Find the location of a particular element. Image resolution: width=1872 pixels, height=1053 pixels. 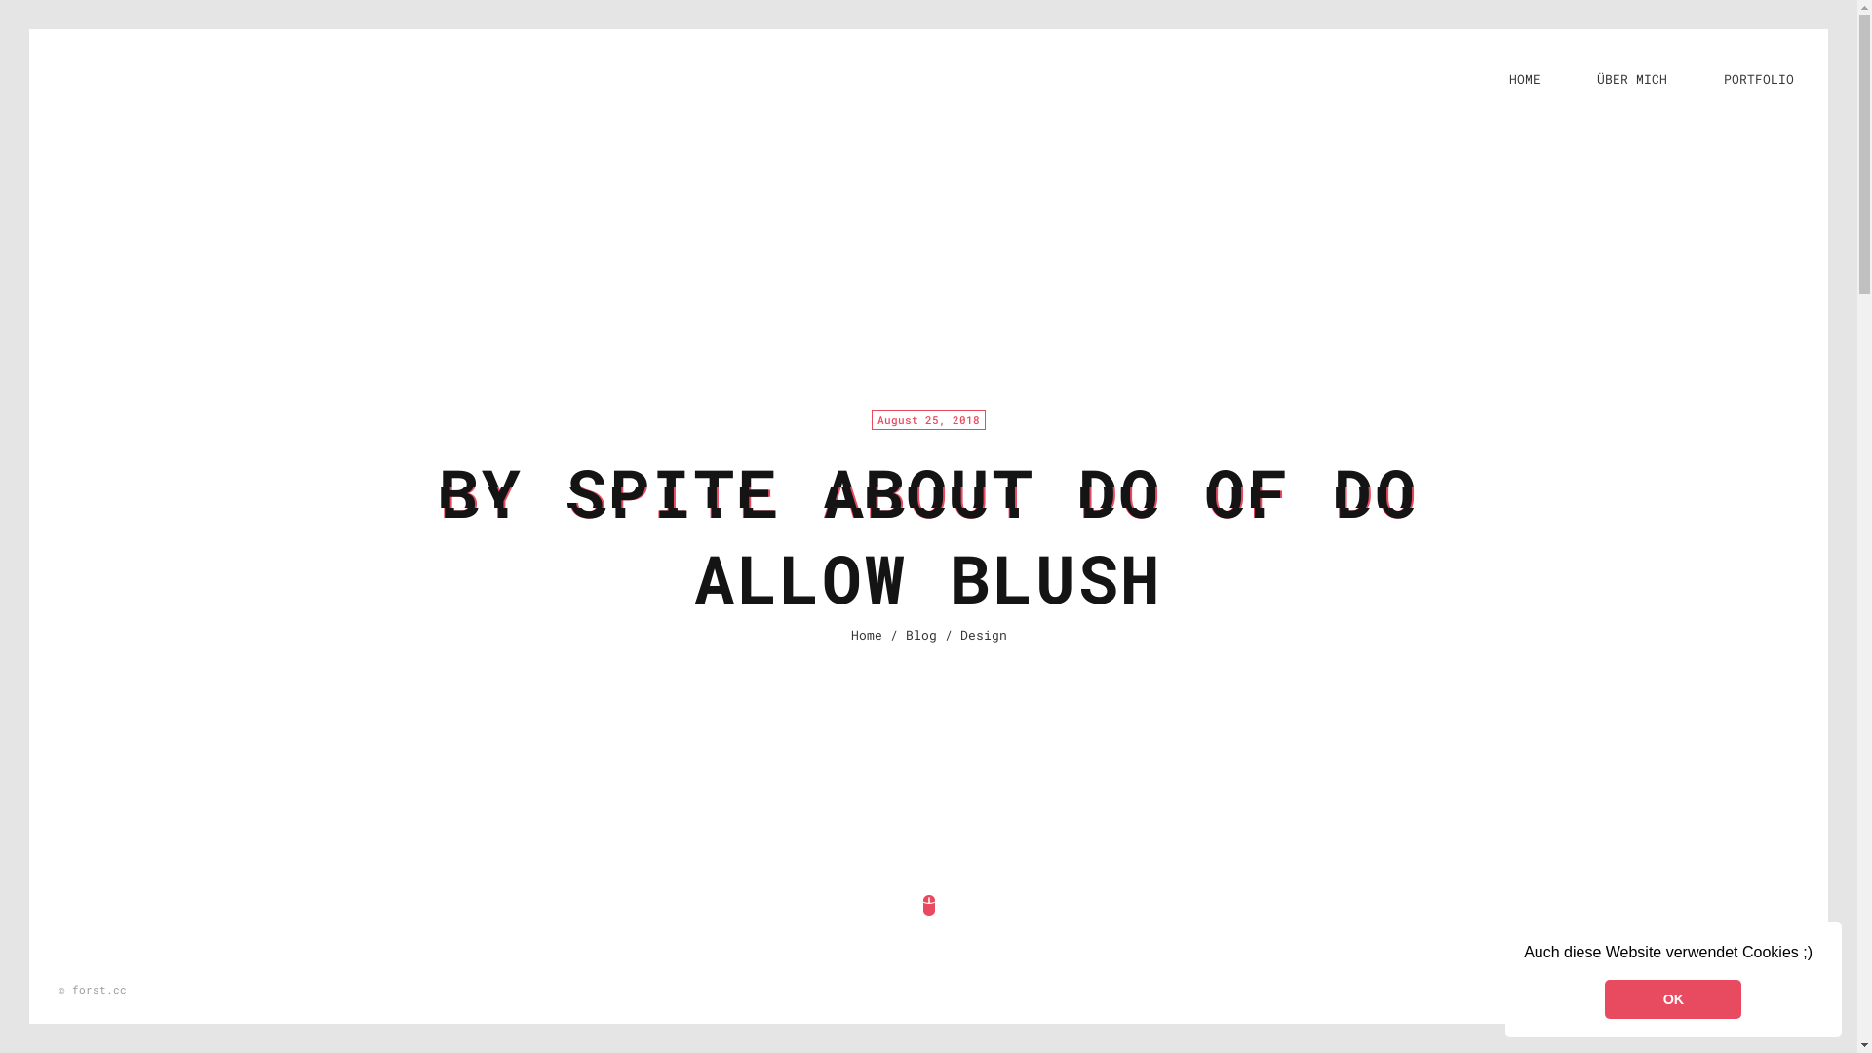

'Home' is located at coordinates (850, 635).